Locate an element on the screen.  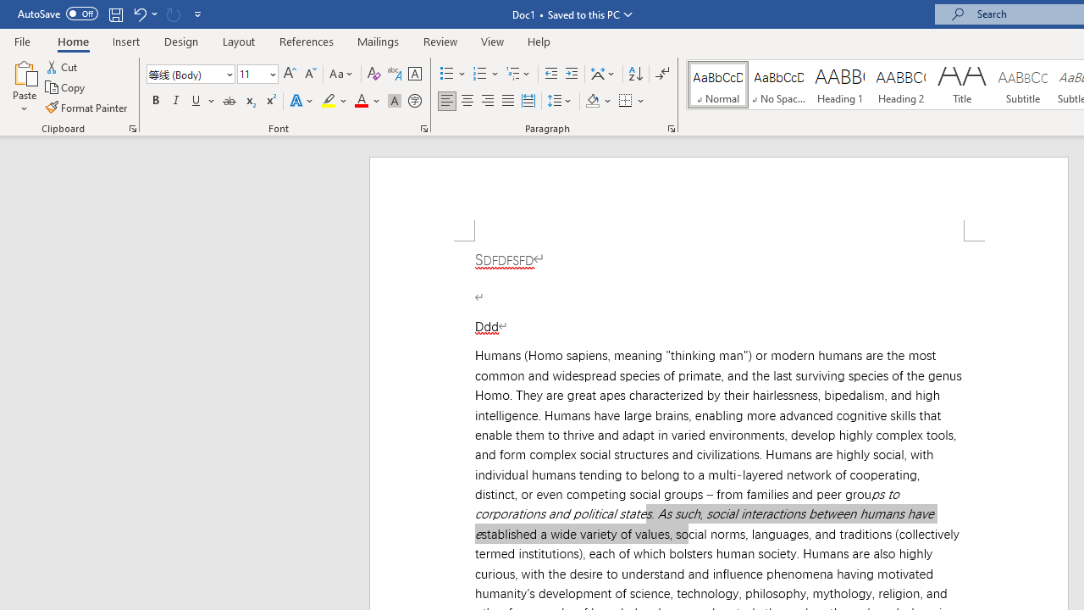
'Strikethrough' is located at coordinates (228, 101).